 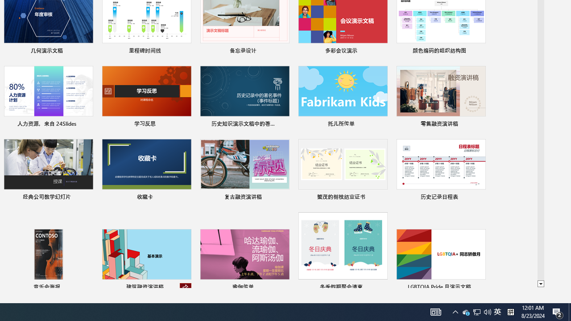 I want to click on 'Unpin from list', so click(x=185, y=288).